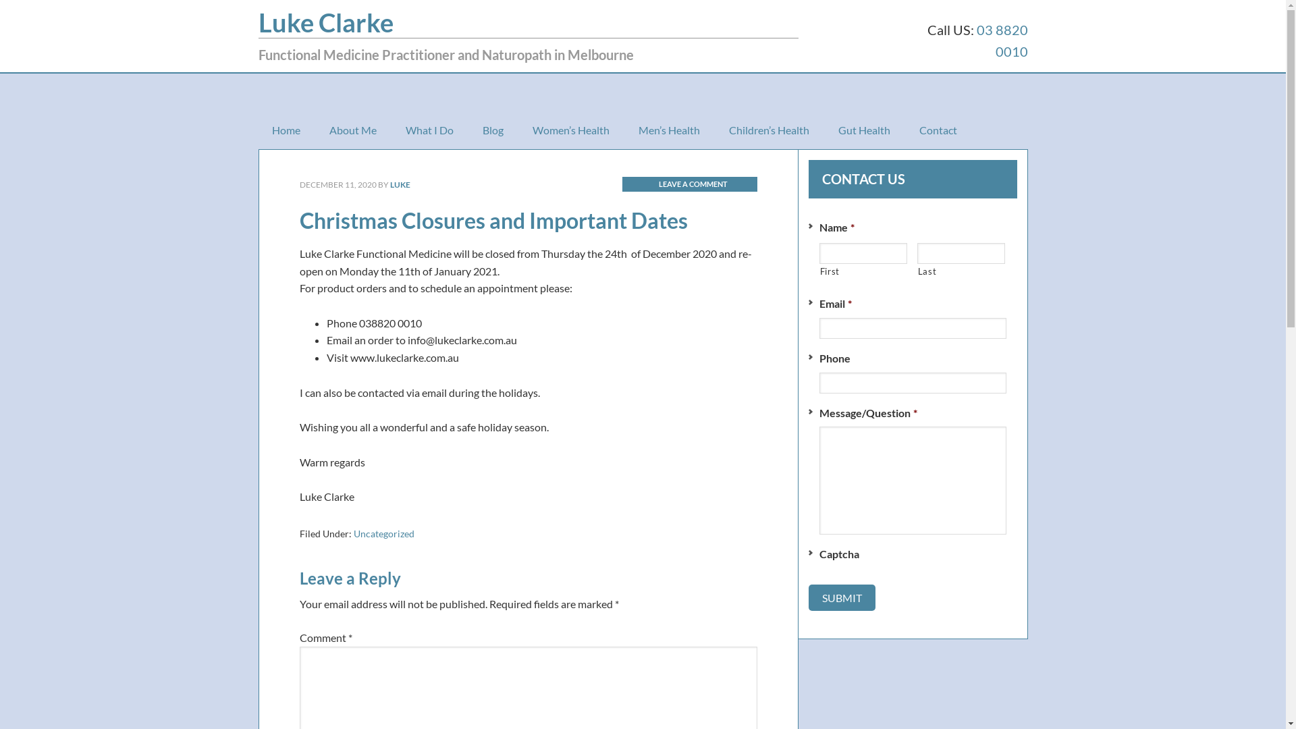  What do you see at coordinates (383, 533) in the screenshot?
I see `'Uncategorized'` at bounding box center [383, 533].